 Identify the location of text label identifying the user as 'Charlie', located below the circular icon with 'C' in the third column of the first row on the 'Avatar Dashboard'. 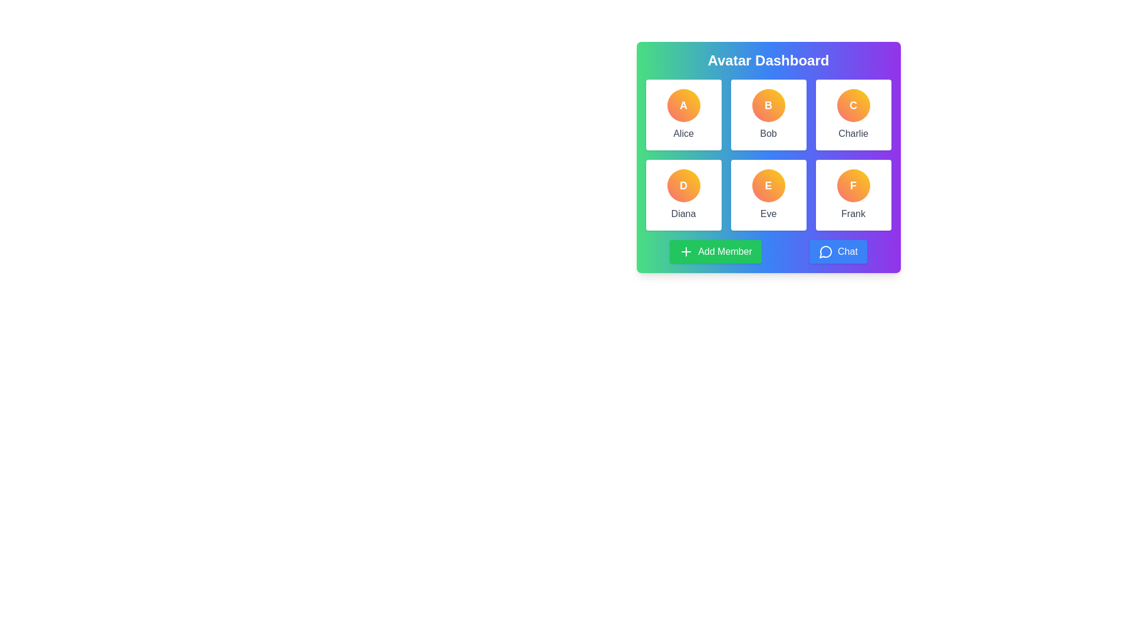
(853, 133).